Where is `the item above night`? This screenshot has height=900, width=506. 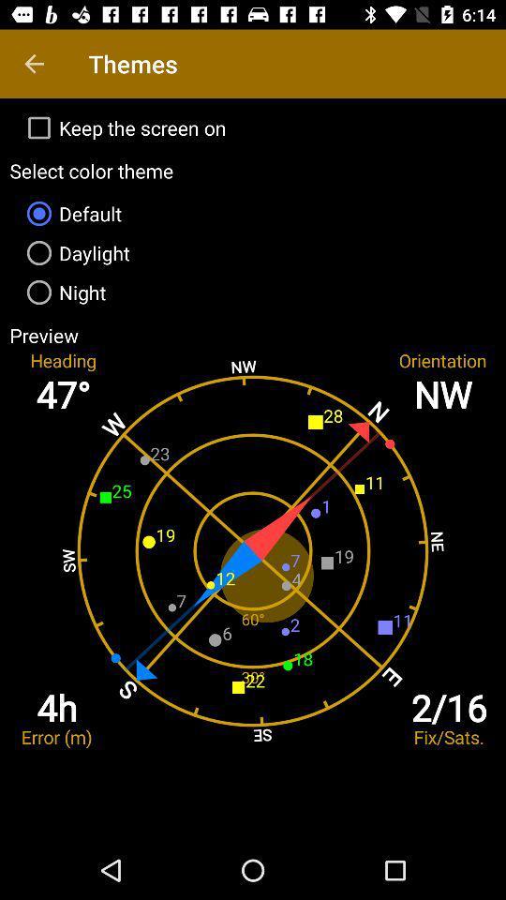
the item above night is located at coordinates (253, 251).